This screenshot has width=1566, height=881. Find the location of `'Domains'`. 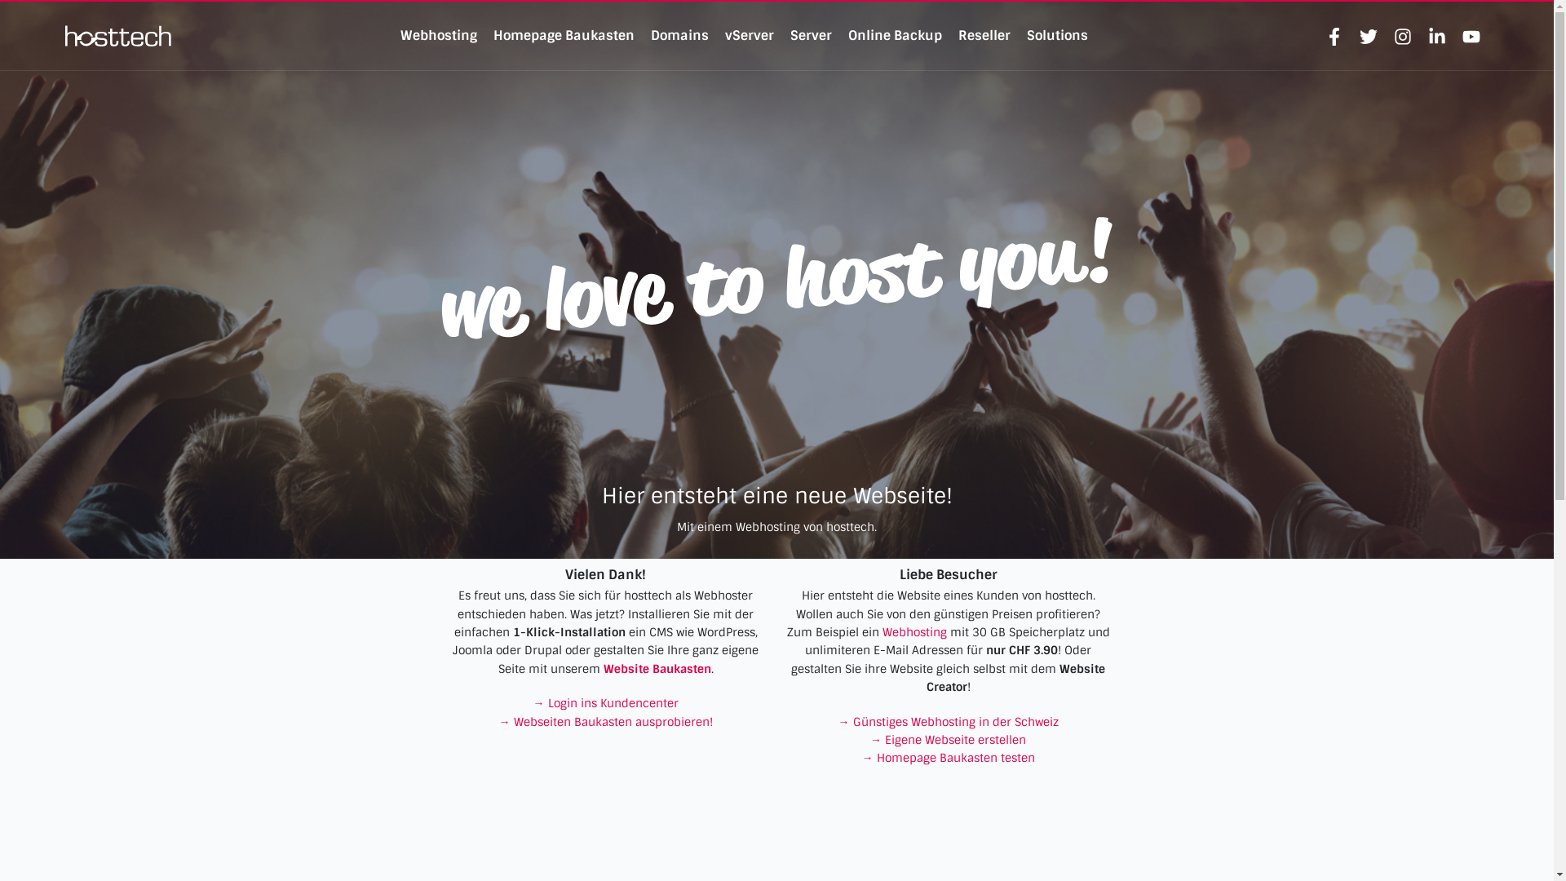

'Domains' is located at coordinates (649, 35).